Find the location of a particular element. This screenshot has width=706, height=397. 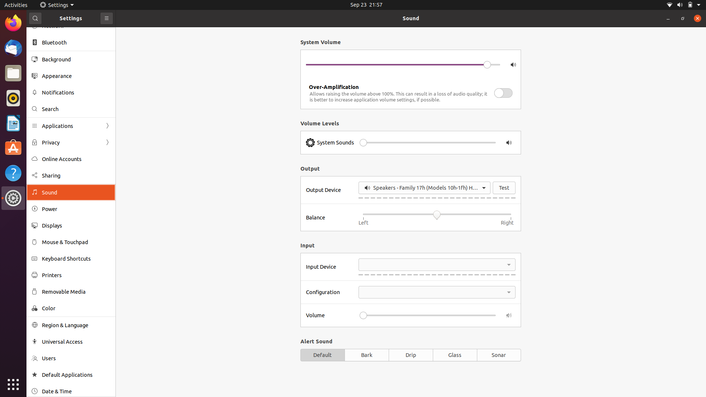

mouse and trackpad configurations is located at coordinates (70, 242).